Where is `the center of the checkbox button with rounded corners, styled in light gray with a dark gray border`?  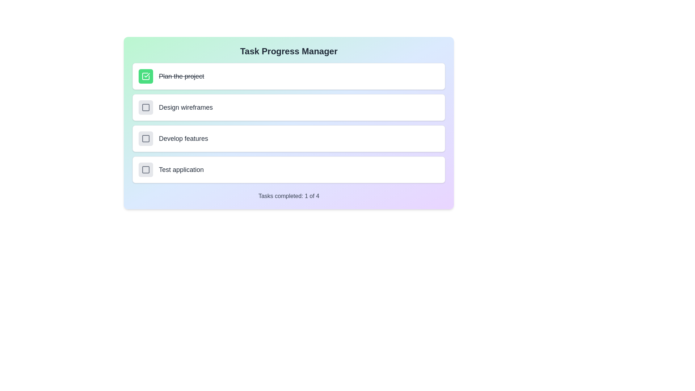
the center of the checkbox button with rounded corners, styled in light gray with a dark gray border is located at coordinates (146, 138).